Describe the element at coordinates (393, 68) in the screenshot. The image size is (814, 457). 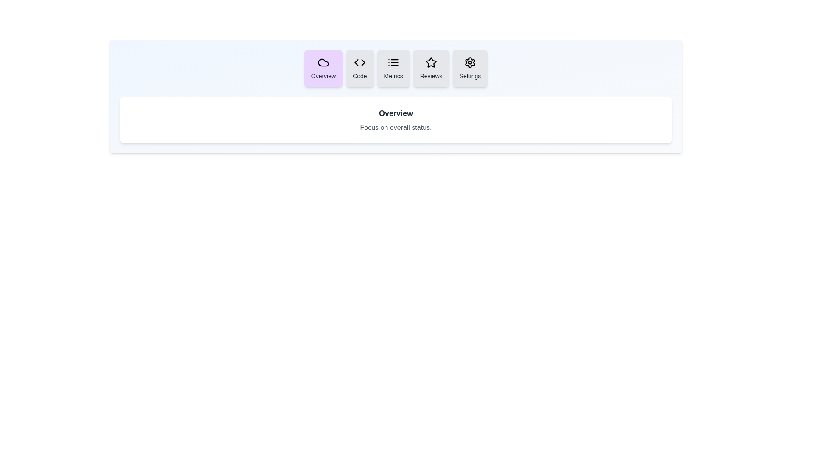
I see `the tab button labeled Metrics to see the hover effect` at that location.